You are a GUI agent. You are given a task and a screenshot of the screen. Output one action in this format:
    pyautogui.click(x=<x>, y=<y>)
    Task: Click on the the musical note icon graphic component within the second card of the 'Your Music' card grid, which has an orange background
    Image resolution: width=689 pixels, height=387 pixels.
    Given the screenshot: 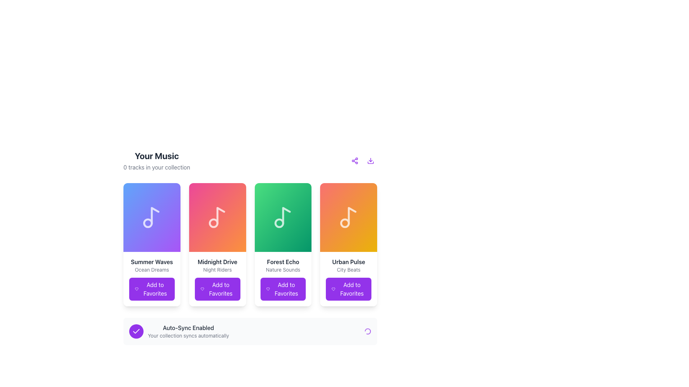 What is the action you would take?
    pyautogui.click(x=220, y=215)
    